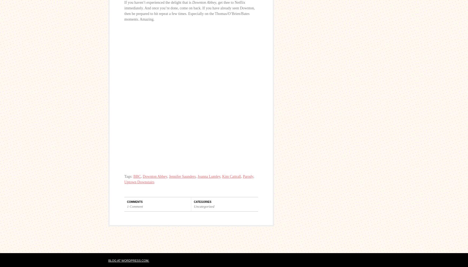 The width and height of the screenshot is (468, 267). Describe the element at coordinates (124, 2) in the screenshot. I see `'If you haven’t experienced the delight that is'` at that location.